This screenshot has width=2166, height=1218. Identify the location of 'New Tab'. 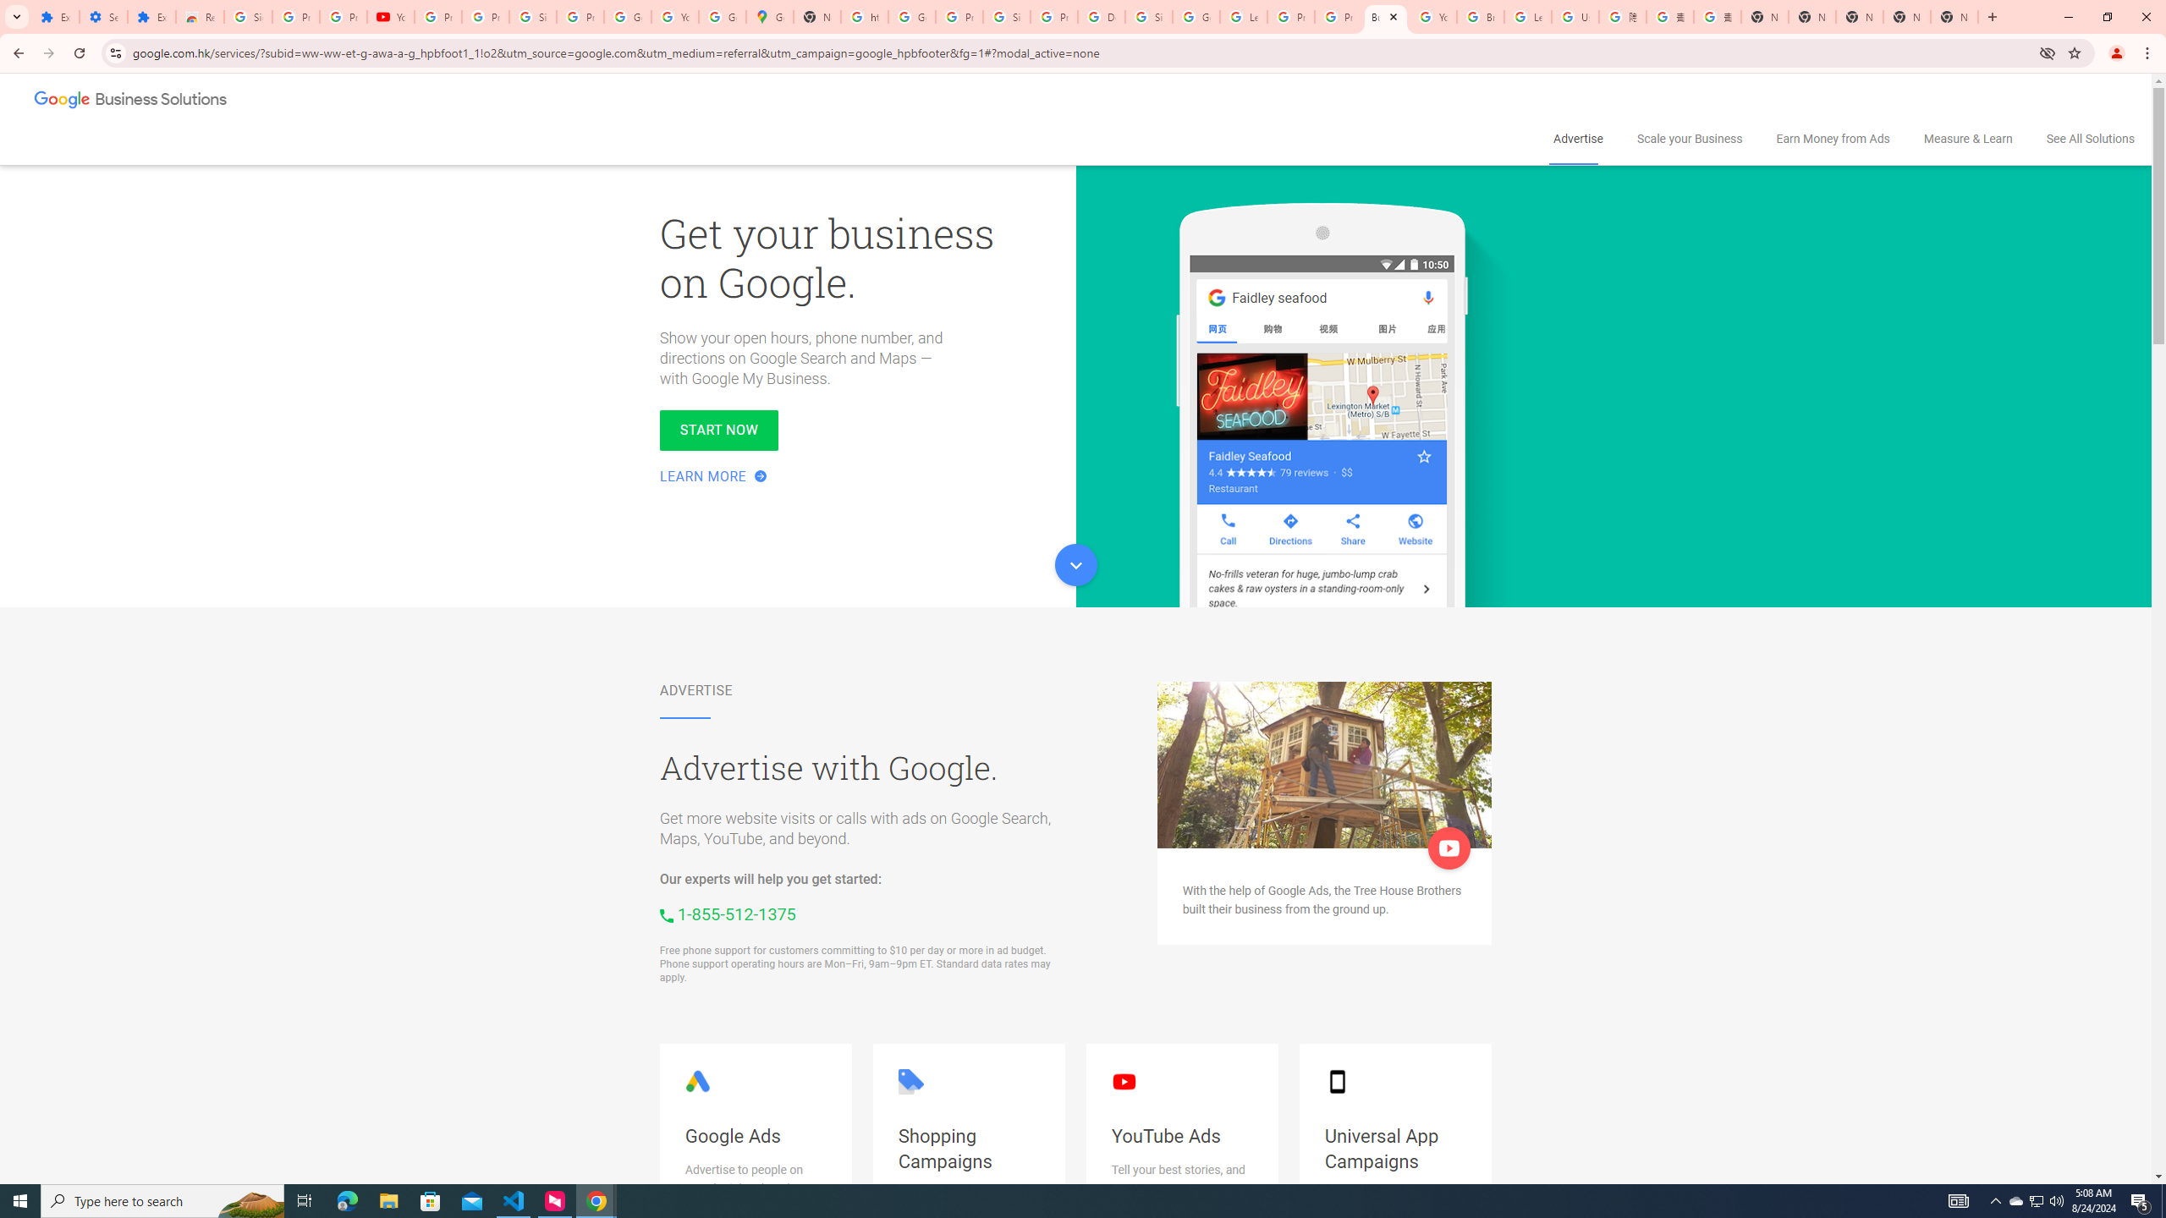
(1954, 16).